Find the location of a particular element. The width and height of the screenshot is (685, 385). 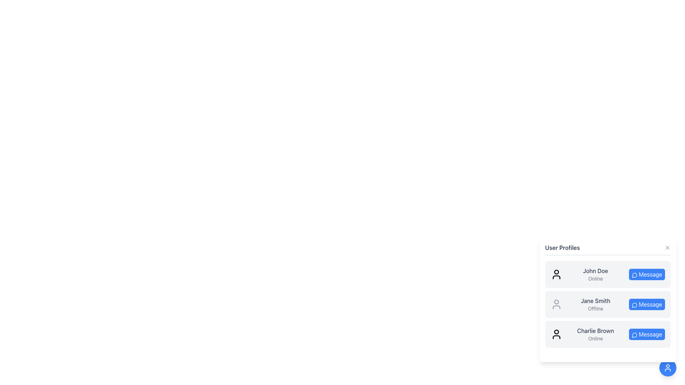

the circular blue button with a white user icon located at the bottom-right corner of the interface is located at coordinates (668, 368).